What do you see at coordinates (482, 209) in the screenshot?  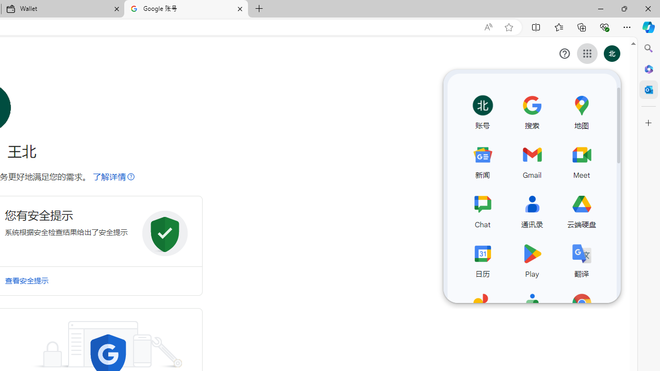 I see `'Chat'` at bounding box center [482, 209].